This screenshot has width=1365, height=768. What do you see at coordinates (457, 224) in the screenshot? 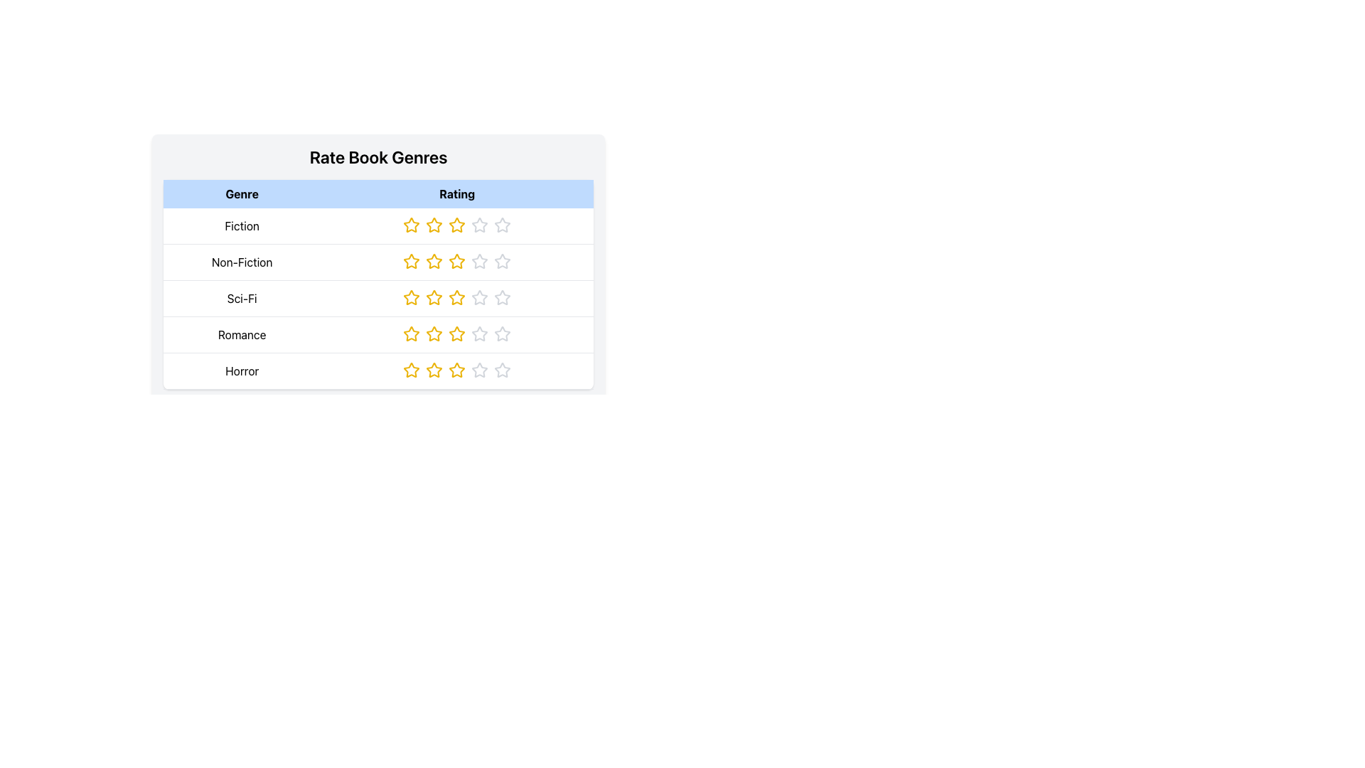
I see `the third star icon` at bounding box center [457, 224].